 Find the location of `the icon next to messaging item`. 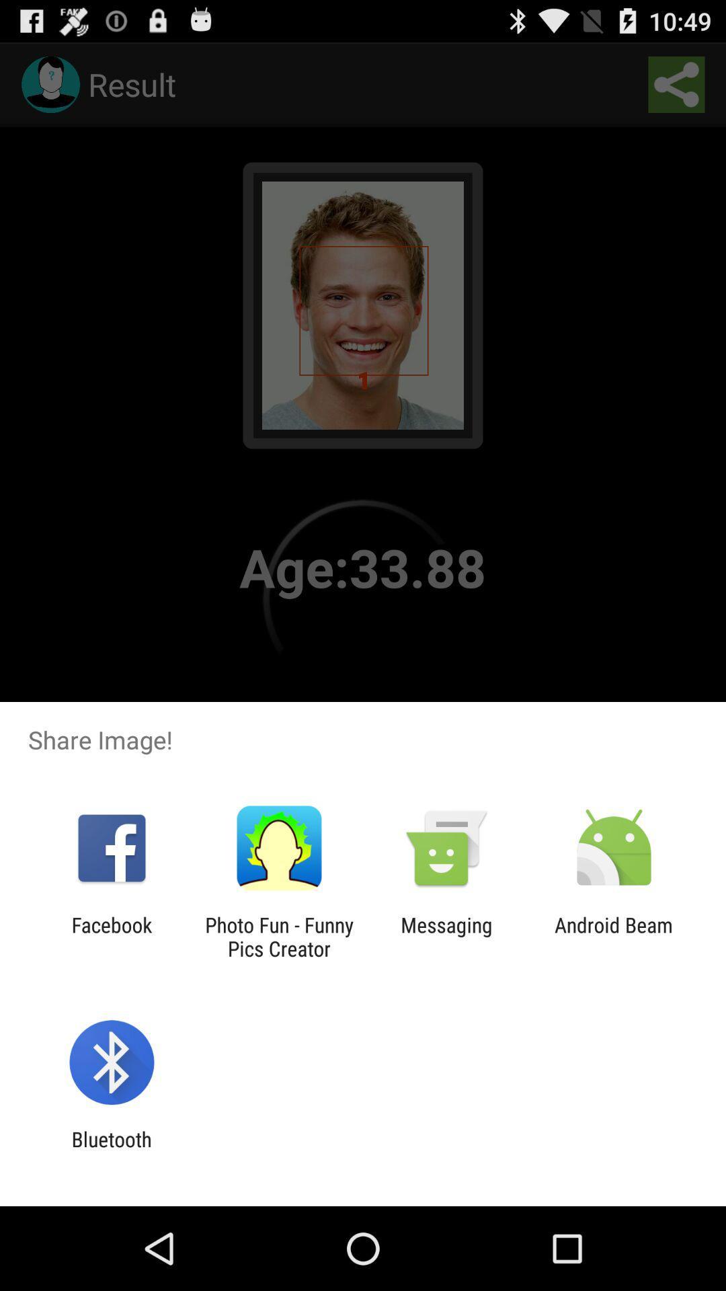

the icon next to messaging item is located at coordinates (614, 936).